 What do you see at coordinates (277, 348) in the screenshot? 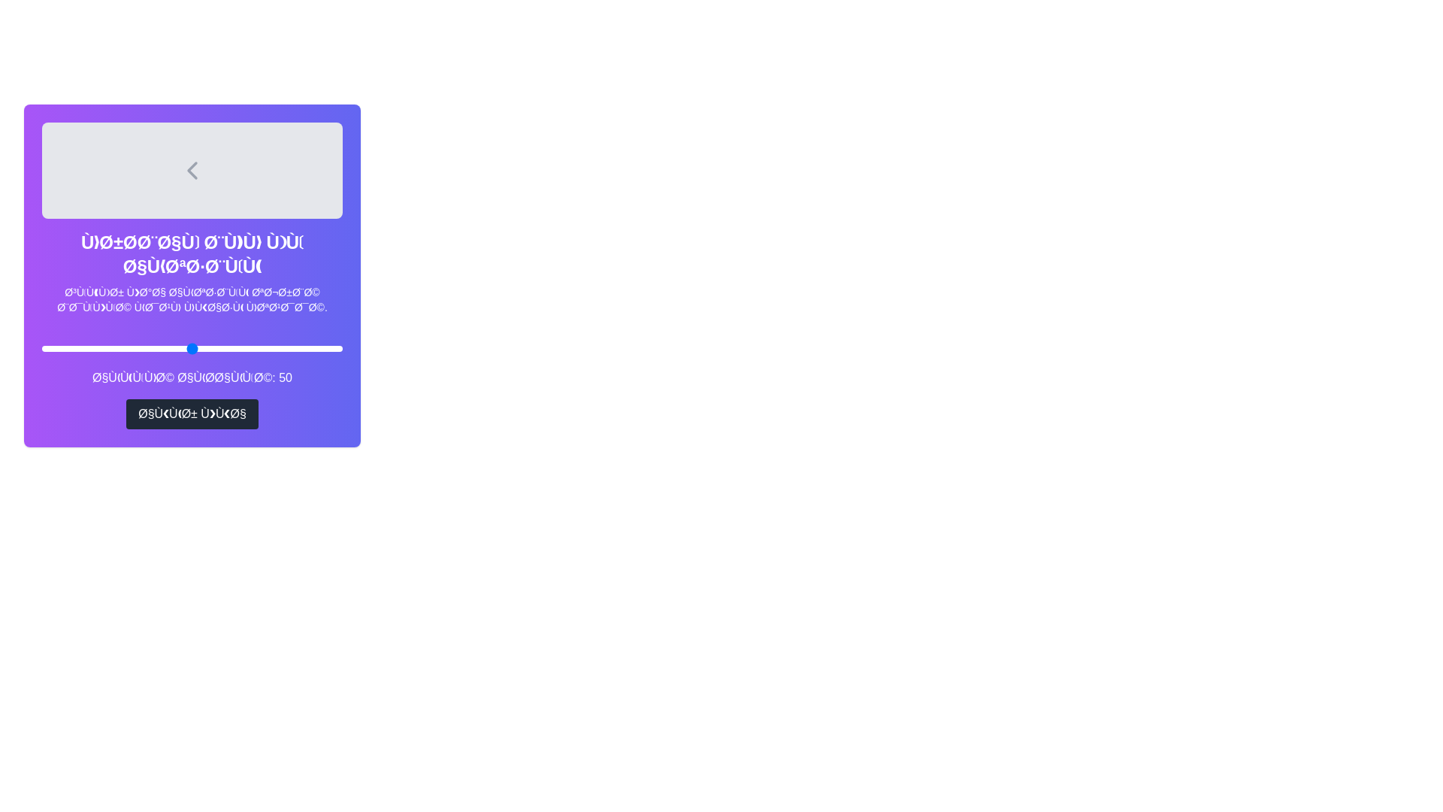
I see `the slider value` at bounding box center [277, 348].